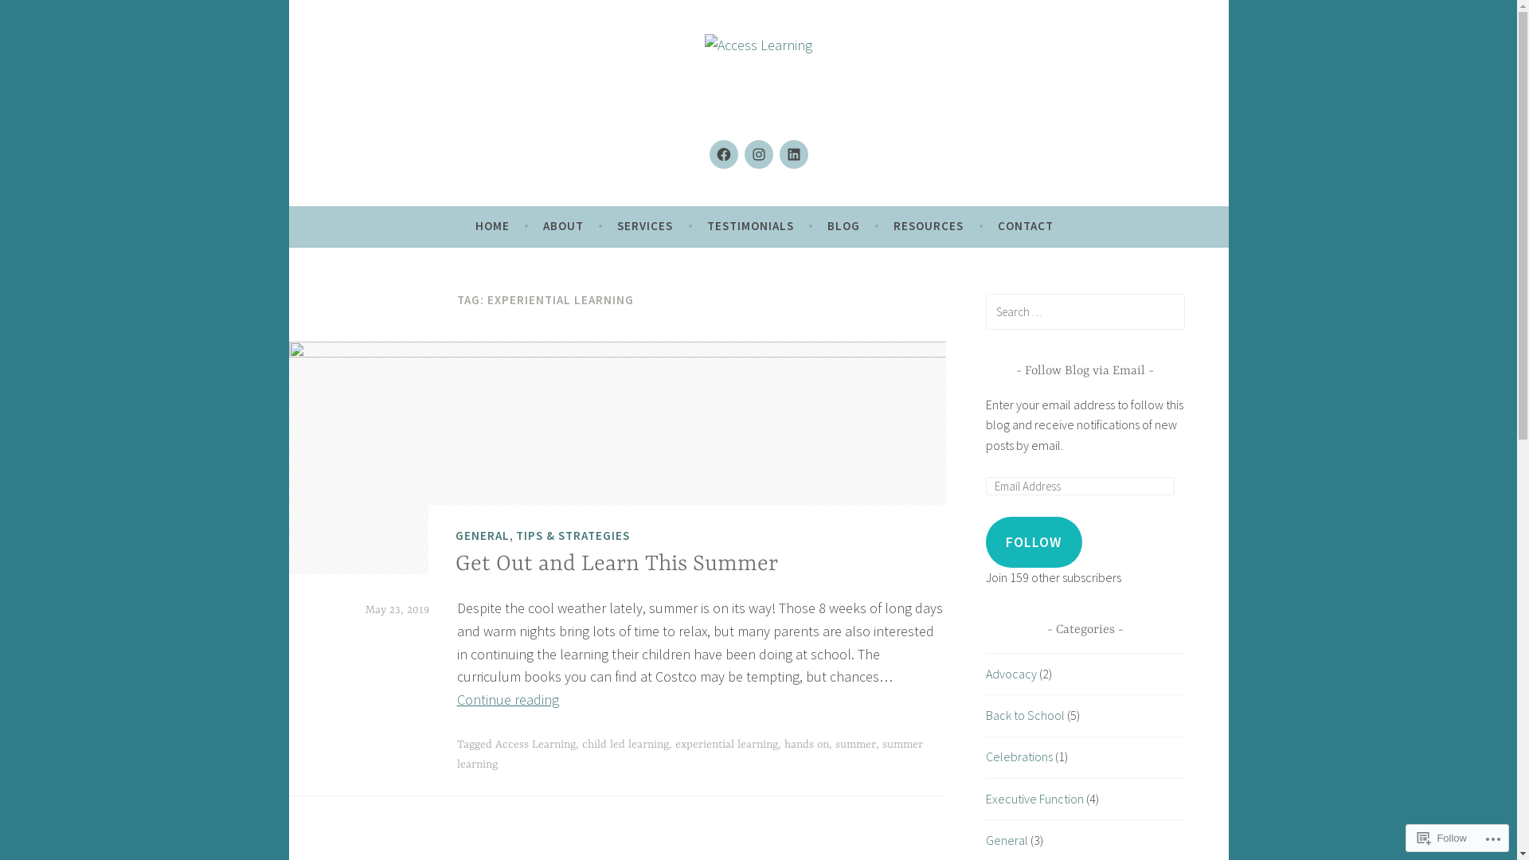 Image resolution: width=1529 pixels, height=860 pixels. I want to click on 'Continue reading', so click(507, 698).